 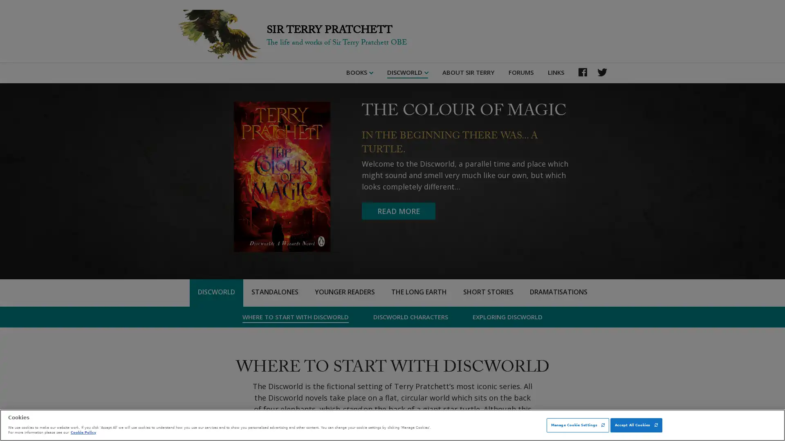 What do you see at coordinates (398, 210) in the screenshot?
I see `READ MORE` at bounding box center [398, 210].